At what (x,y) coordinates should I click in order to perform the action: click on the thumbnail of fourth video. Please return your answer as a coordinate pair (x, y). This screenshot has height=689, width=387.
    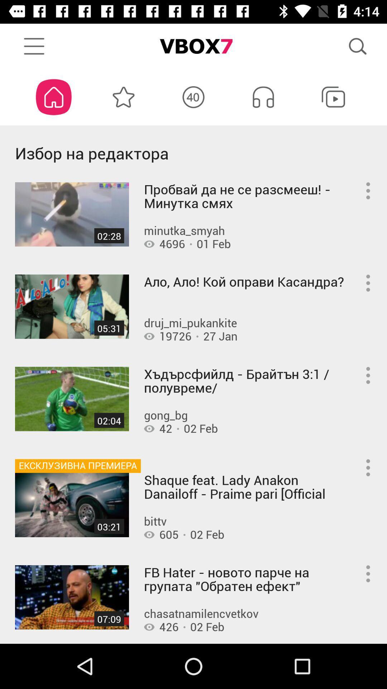
    Looking at the image, I should click on (72, 505).